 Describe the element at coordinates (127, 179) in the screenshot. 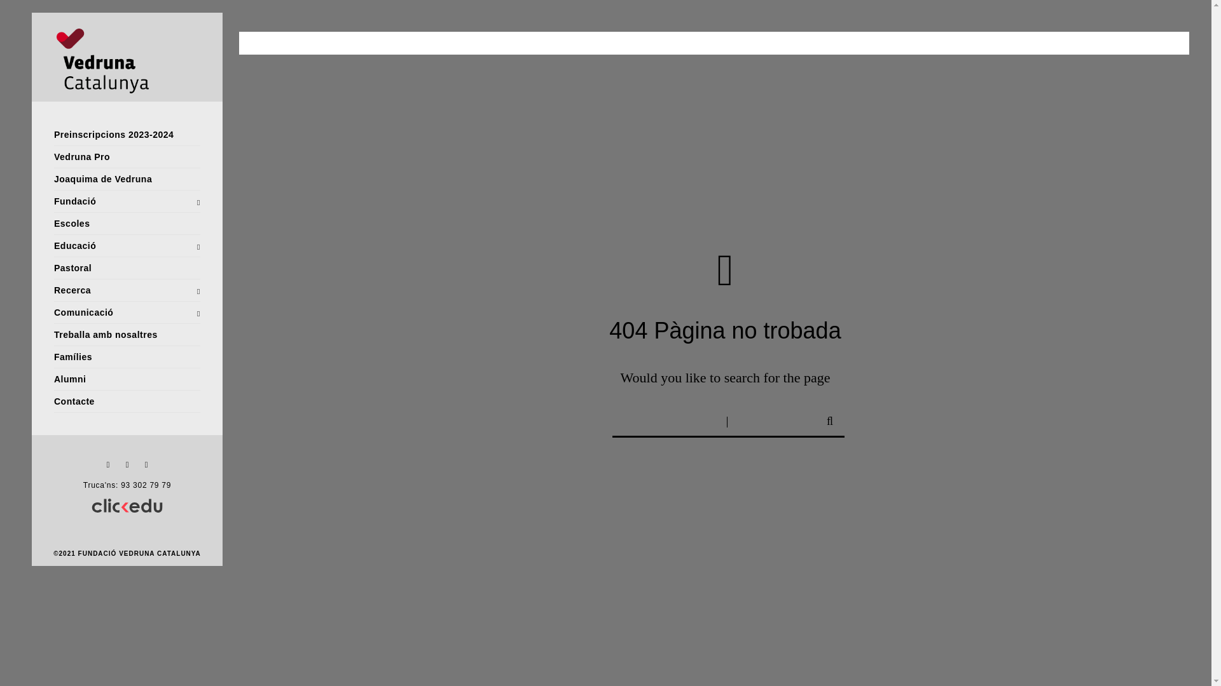

I see `'Joaquima de Vedruna'` at that location.